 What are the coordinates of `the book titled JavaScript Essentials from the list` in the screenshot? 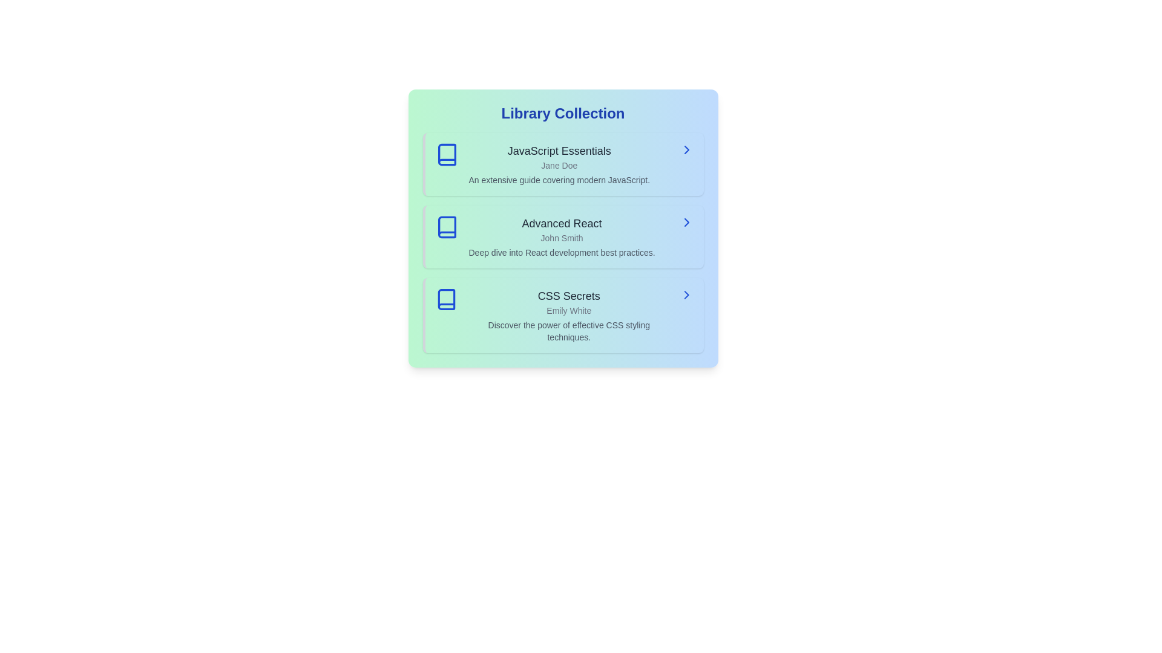 It's located at (562, 164).